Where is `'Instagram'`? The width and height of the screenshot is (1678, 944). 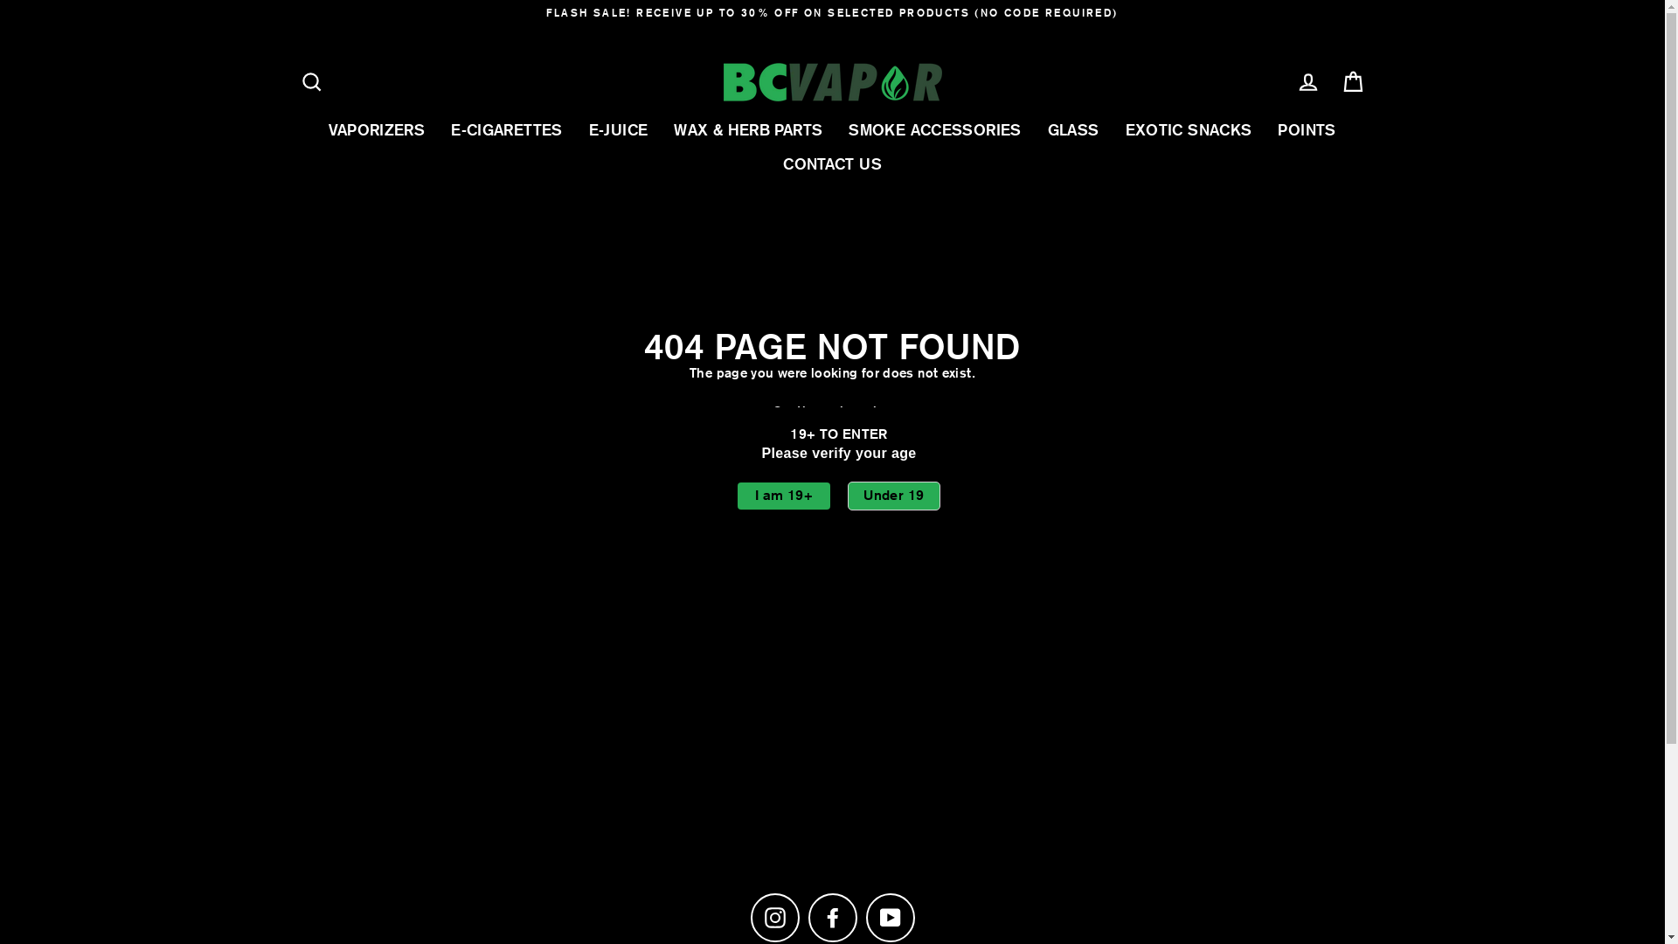 'Instagram' is located at coordinates (773, 916).